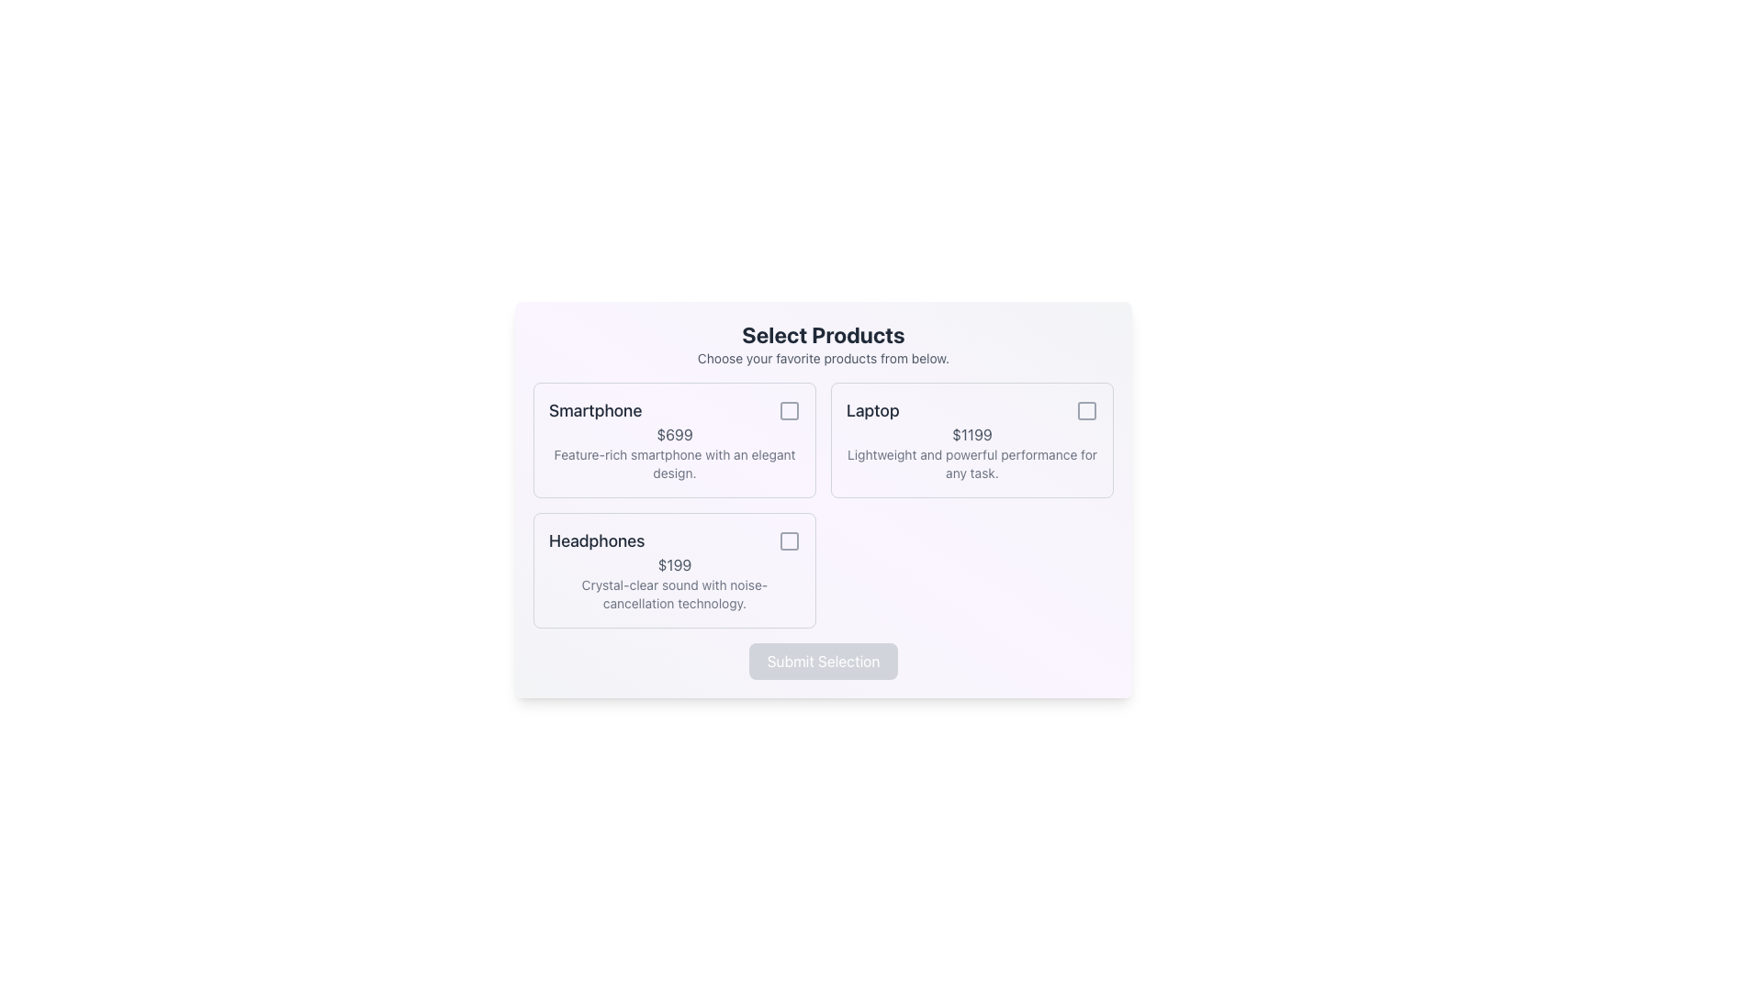 This screenshot has width=1763, height=991. Describe the element at coordinates (1087, 409) in the screenshot. I see `the checkbox for the Laptop product` at that location.